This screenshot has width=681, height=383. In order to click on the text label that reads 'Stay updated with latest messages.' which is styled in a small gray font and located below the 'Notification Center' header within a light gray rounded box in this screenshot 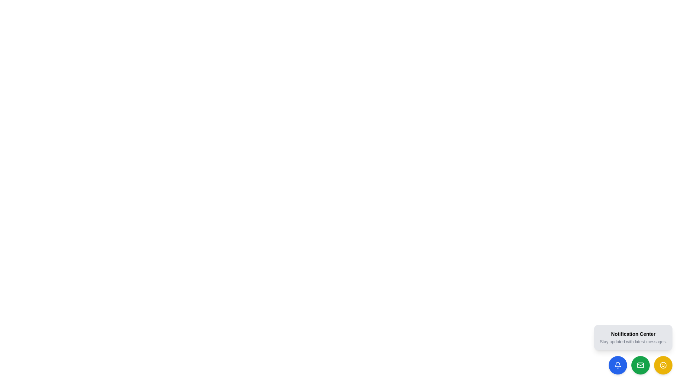, I will do `click(633, 342)`.